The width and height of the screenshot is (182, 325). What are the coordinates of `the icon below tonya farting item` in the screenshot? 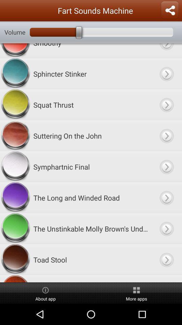 It's located at (136, 293).